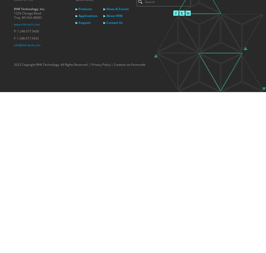 The height and width of the screenshot is (253, 266). I want to click on '1233 Chicago Road', so click(27, 13).